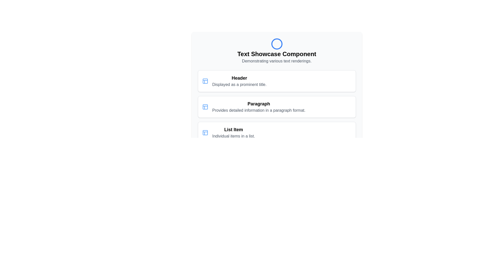  Describe the element at coordinates (276, 107) in the screenshot. I see `the Information Card, which is the second card in a vertical list, featuring a bold 'Paragraph' text and a smaller gray text below it` at that location.